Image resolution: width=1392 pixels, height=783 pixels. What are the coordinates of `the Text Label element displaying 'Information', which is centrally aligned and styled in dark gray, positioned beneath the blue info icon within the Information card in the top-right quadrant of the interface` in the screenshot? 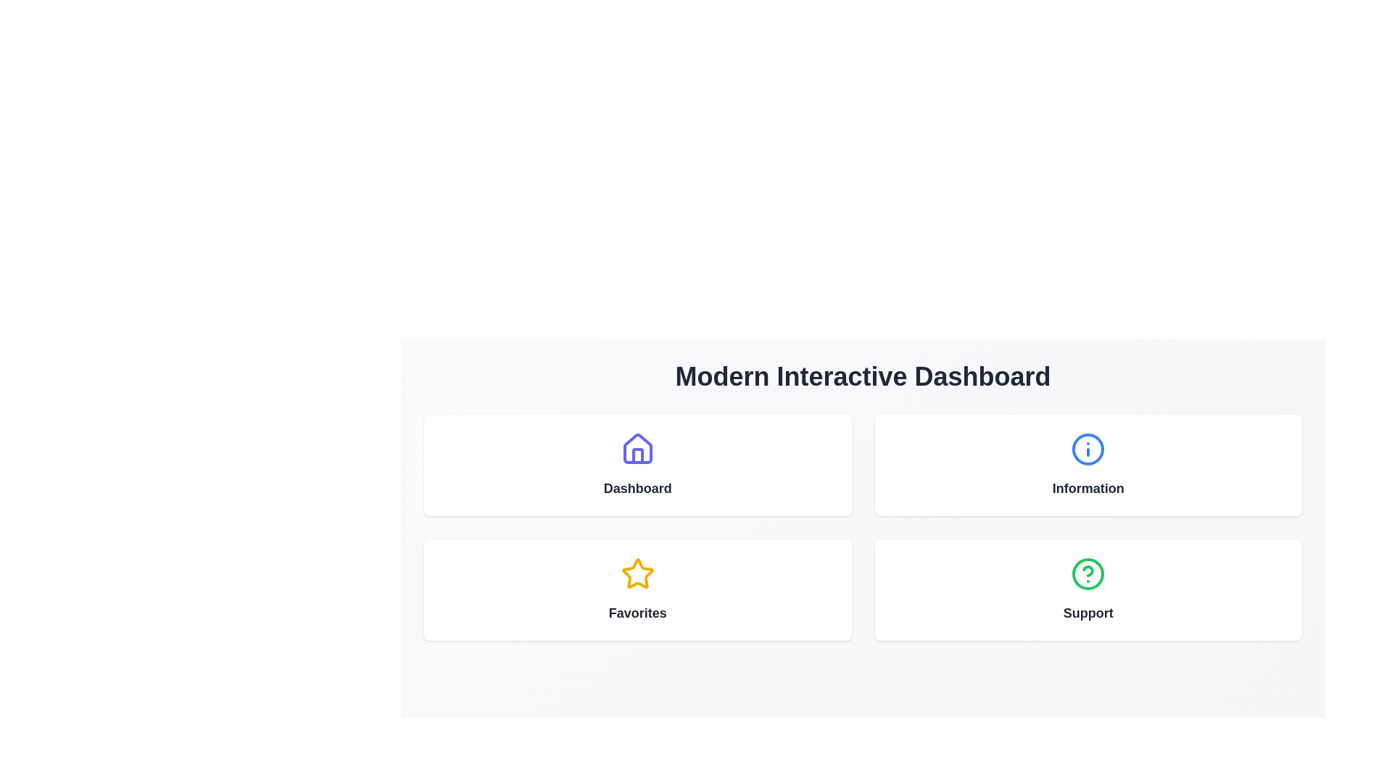 It's located at (1088, 489).